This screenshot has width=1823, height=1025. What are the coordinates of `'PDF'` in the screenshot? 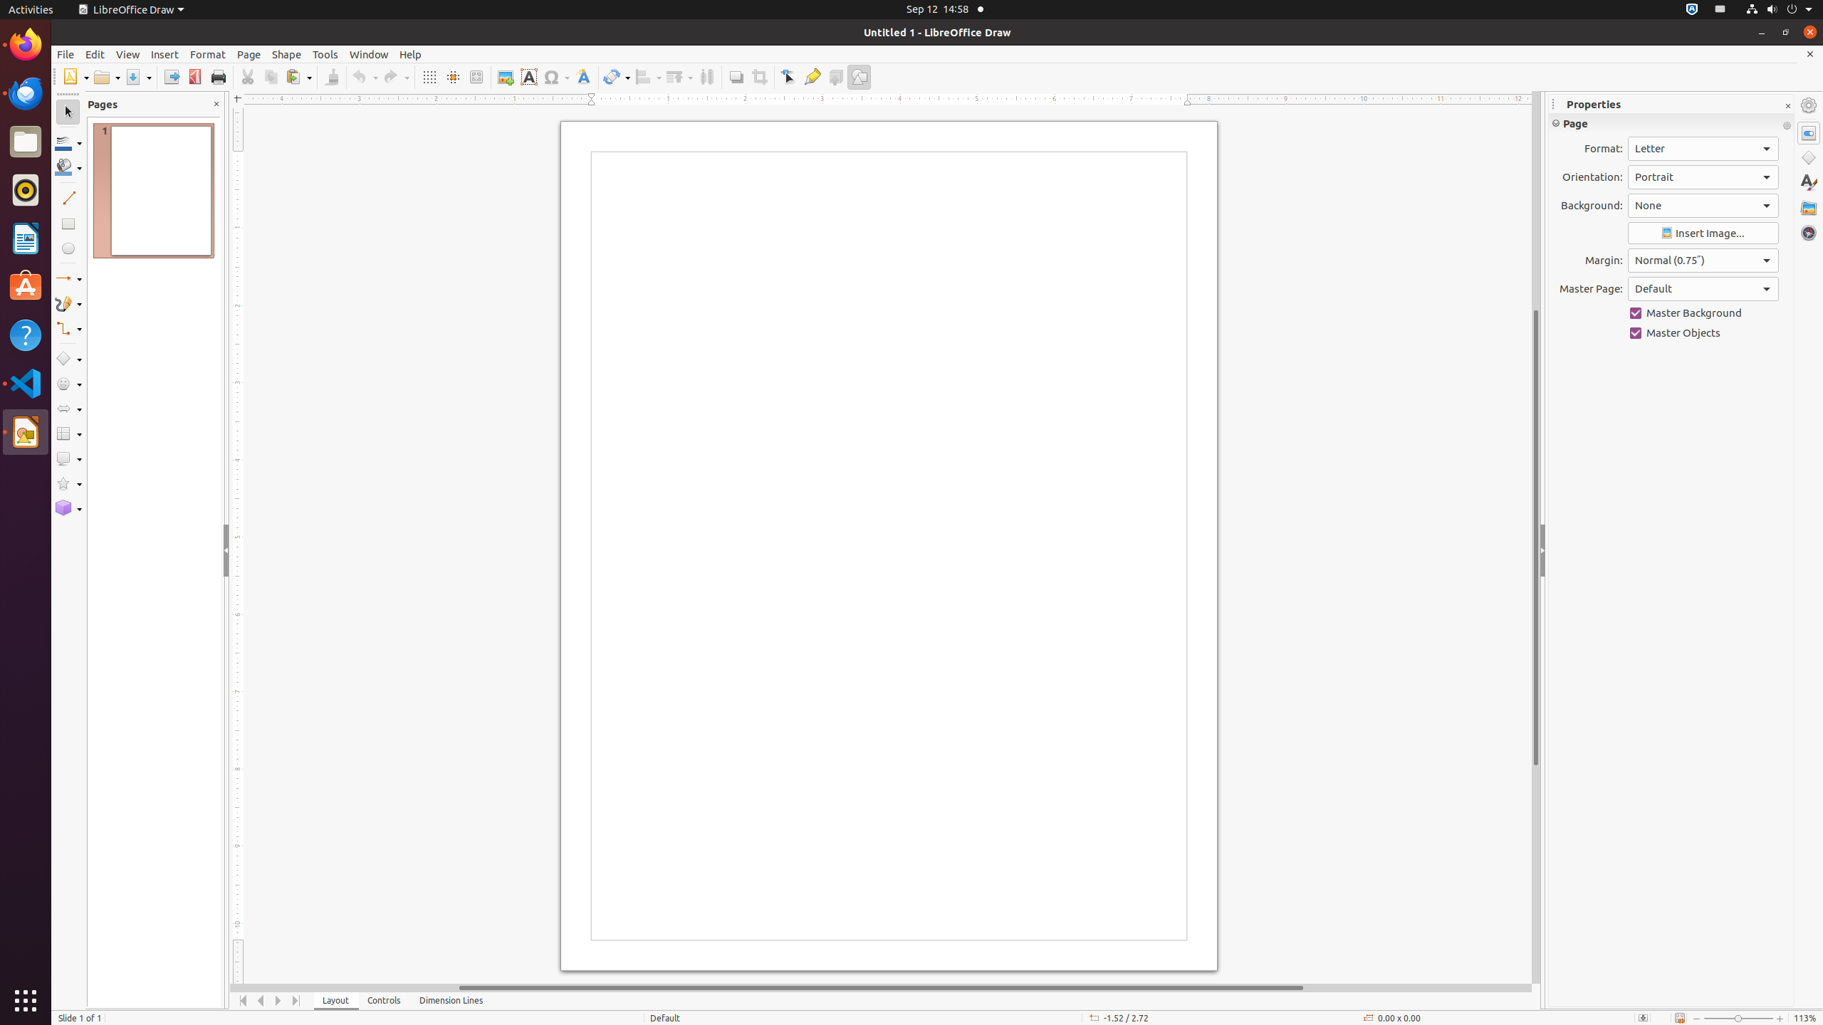 It's located at (194, 76).